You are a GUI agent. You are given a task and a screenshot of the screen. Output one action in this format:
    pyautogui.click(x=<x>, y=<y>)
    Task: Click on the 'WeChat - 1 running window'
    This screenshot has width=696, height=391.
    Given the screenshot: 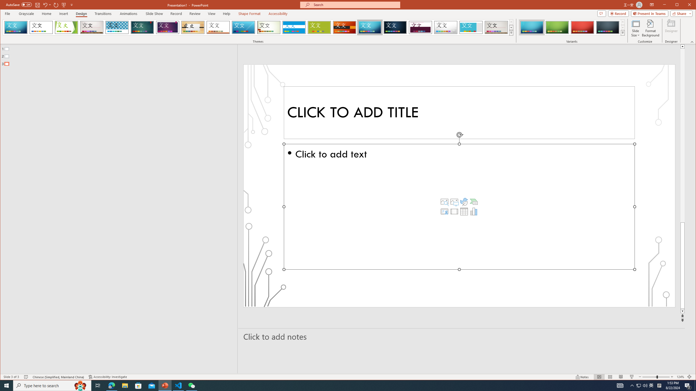 What is the action you would take?
    pyautogui.click(x=192, y=385)
    